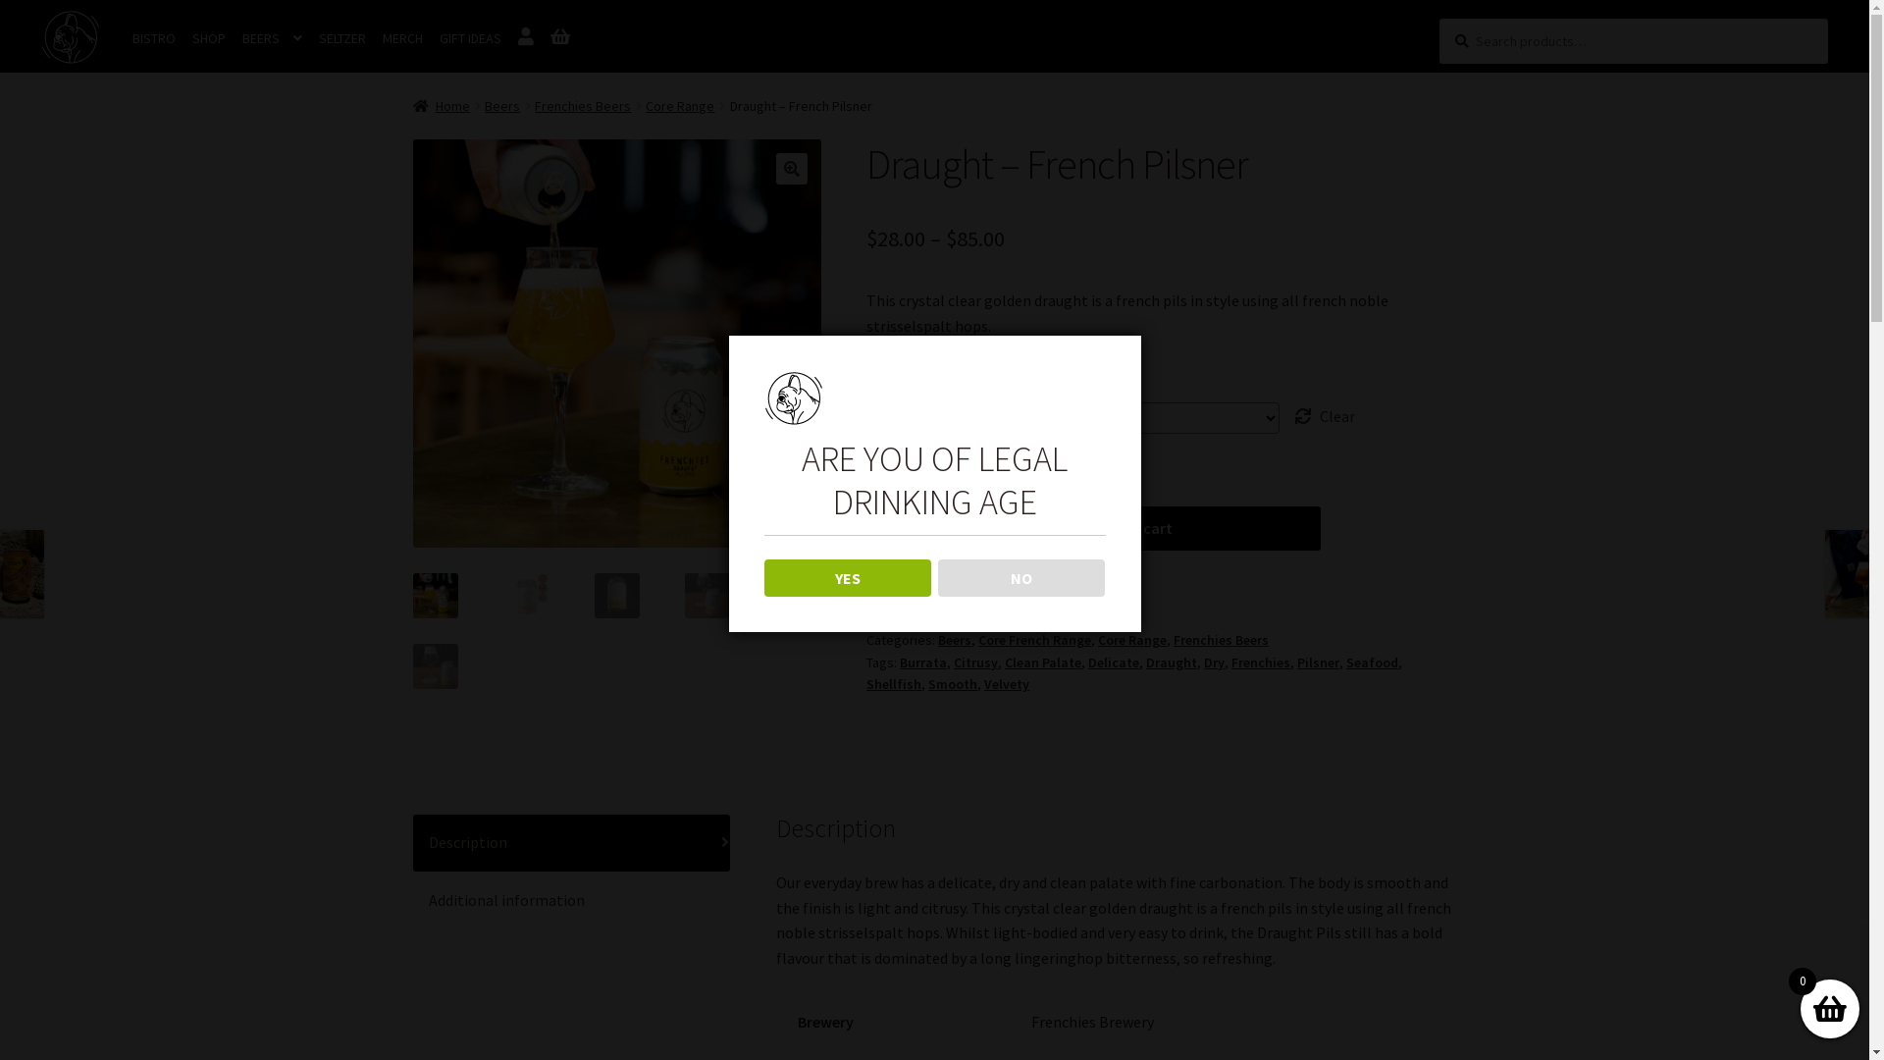  What do you see at coordinates (1318, 662) in the screenshot?
I see `'Pilsner'` at bounding box center [1318, 662].